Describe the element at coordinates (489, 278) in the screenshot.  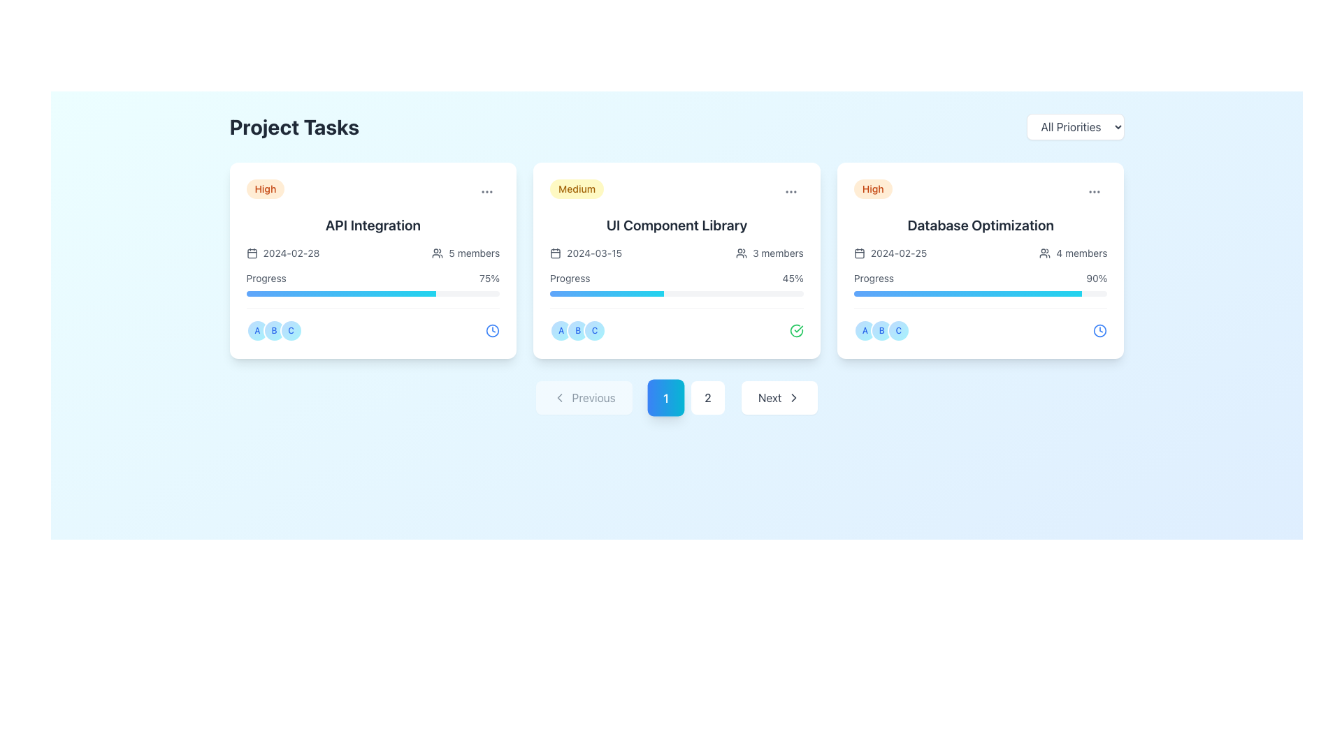
I see `textual component displaying '75%' located within the 'API Integration' card in the 'Project Tasks' interface, positioned to the right of the 'Progress' label` at that location.